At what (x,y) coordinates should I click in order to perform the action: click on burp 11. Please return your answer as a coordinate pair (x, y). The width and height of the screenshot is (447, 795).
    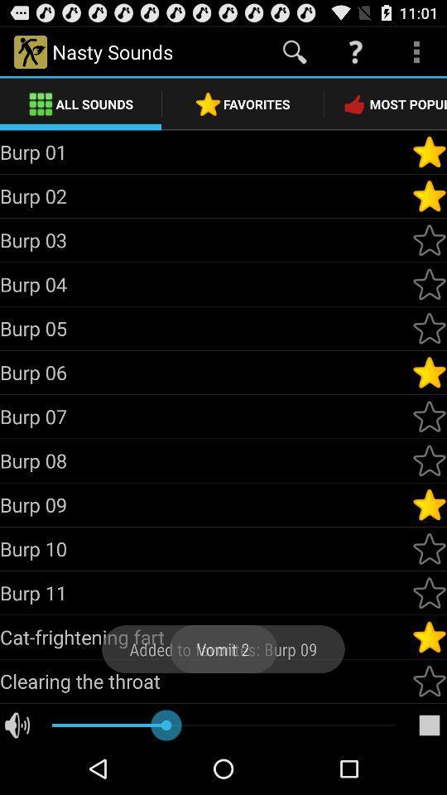
    Looking at the image, I should click on (429, 593).